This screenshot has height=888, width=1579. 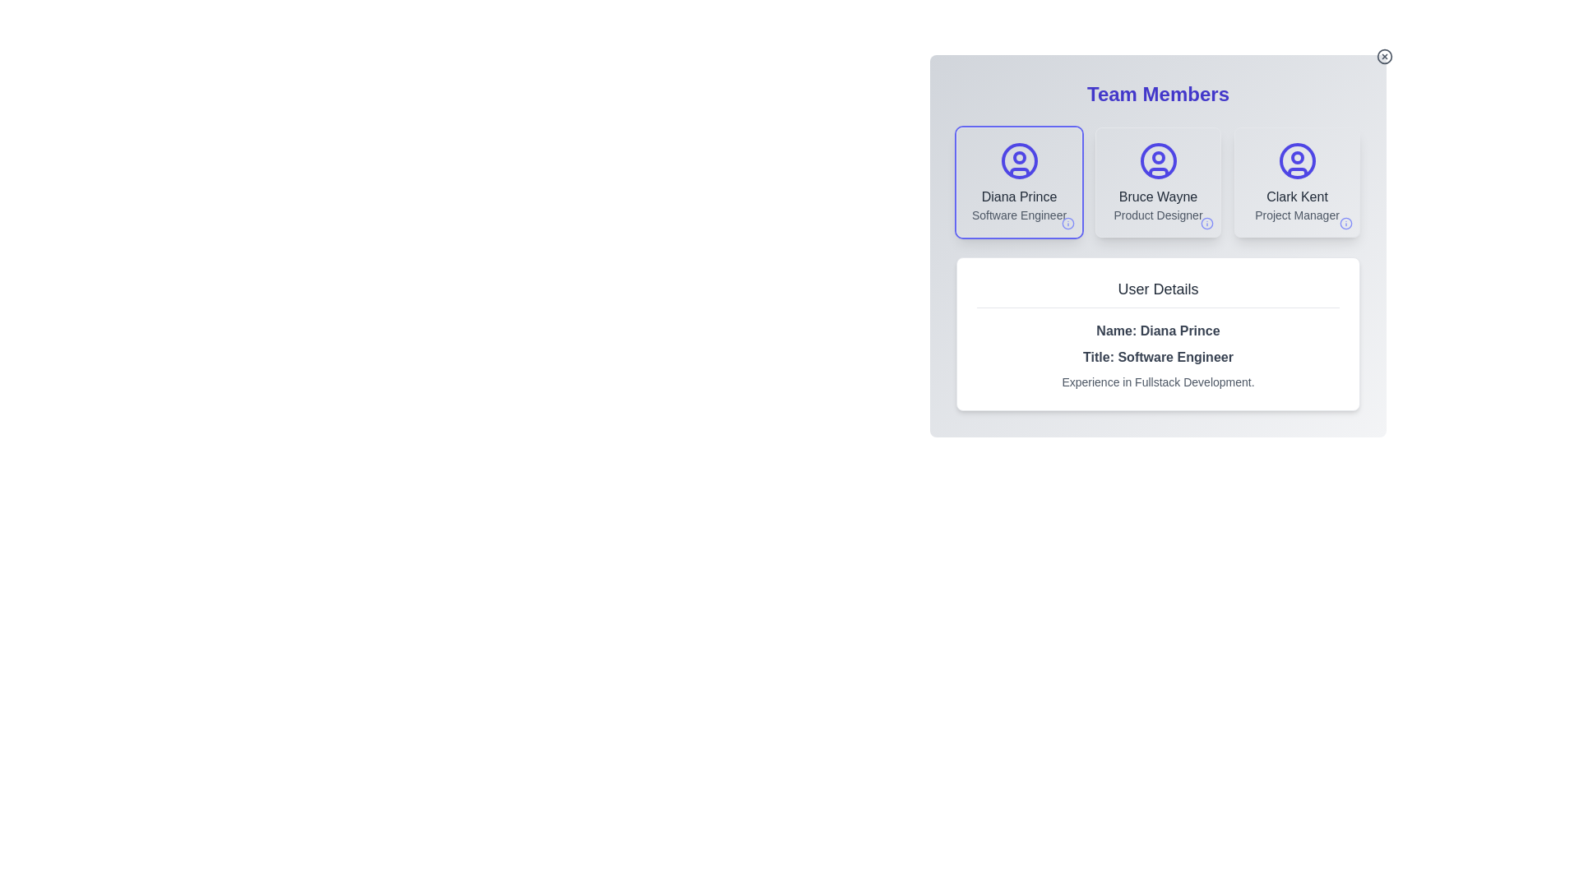 I want to click on the information icon located at the bottom-right corner of the 'Bruce Wayne' profile card, which signifies additional details related to the profile, so click(x=1207, y=224).